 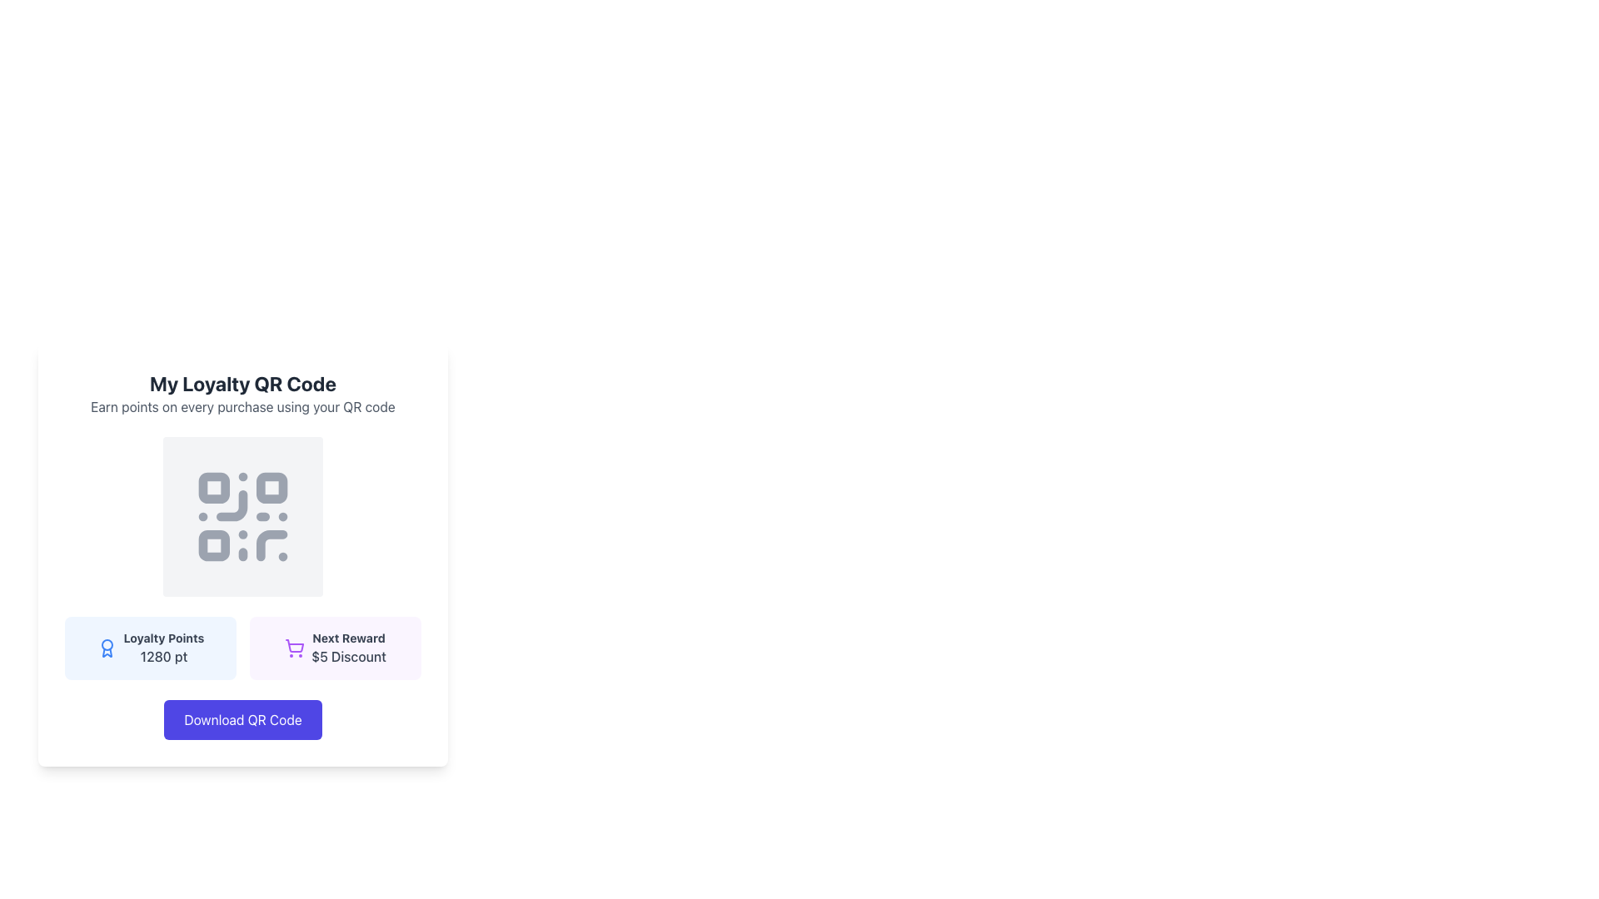 I want to click on the 'Download QR Code' button, which is a rectangular button with rounded corners in rich indigo color, to initiate the download, so click(x=242, y=718).